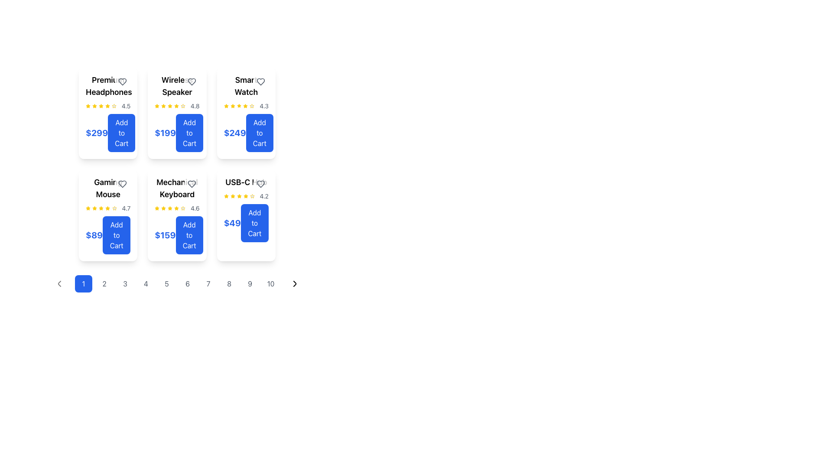 The width and height of the screenshot is (832, 468). Describe the element at coordinates (260, 183) in the screenshot. I see `the heart-shaped icon located in the top-right corner of the 'USB-C Hub' product card` at that location.